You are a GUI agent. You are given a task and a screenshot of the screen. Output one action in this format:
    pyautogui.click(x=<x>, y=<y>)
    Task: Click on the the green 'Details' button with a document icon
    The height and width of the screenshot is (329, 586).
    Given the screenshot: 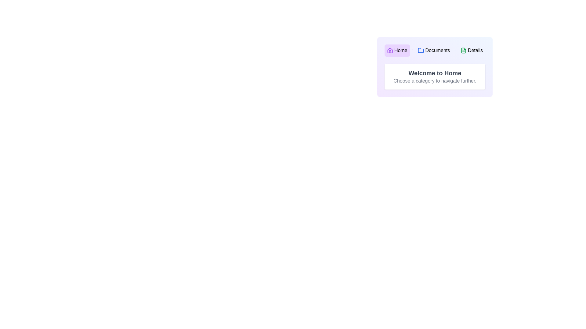 What is the action you would take?
    pyautogui.click(x=471, y=50)
    